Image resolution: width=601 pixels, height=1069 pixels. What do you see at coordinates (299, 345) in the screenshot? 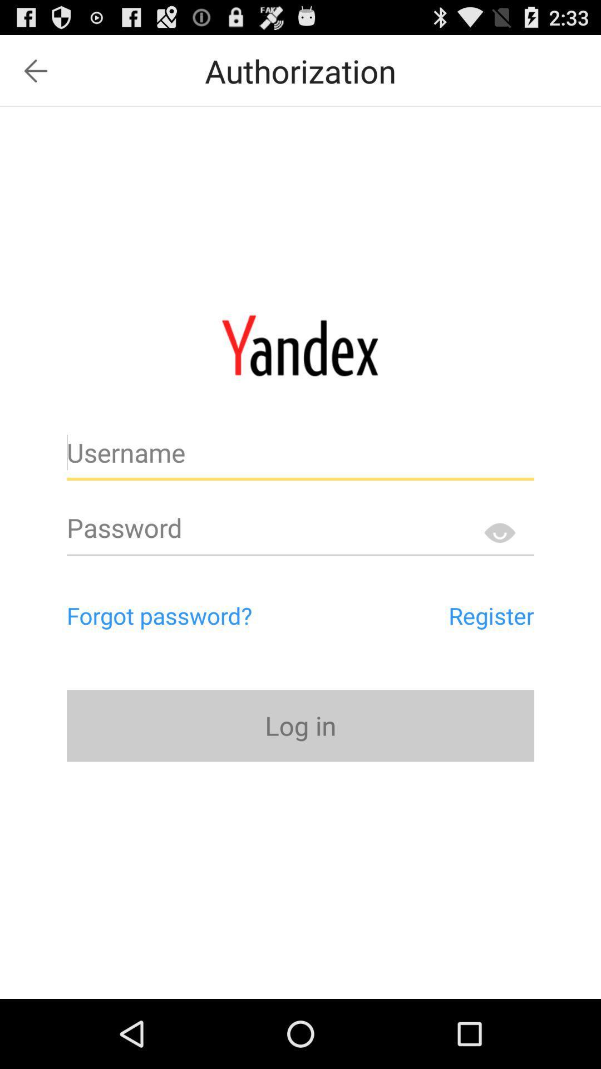
I see `home page` at bounding box center [299, 345].